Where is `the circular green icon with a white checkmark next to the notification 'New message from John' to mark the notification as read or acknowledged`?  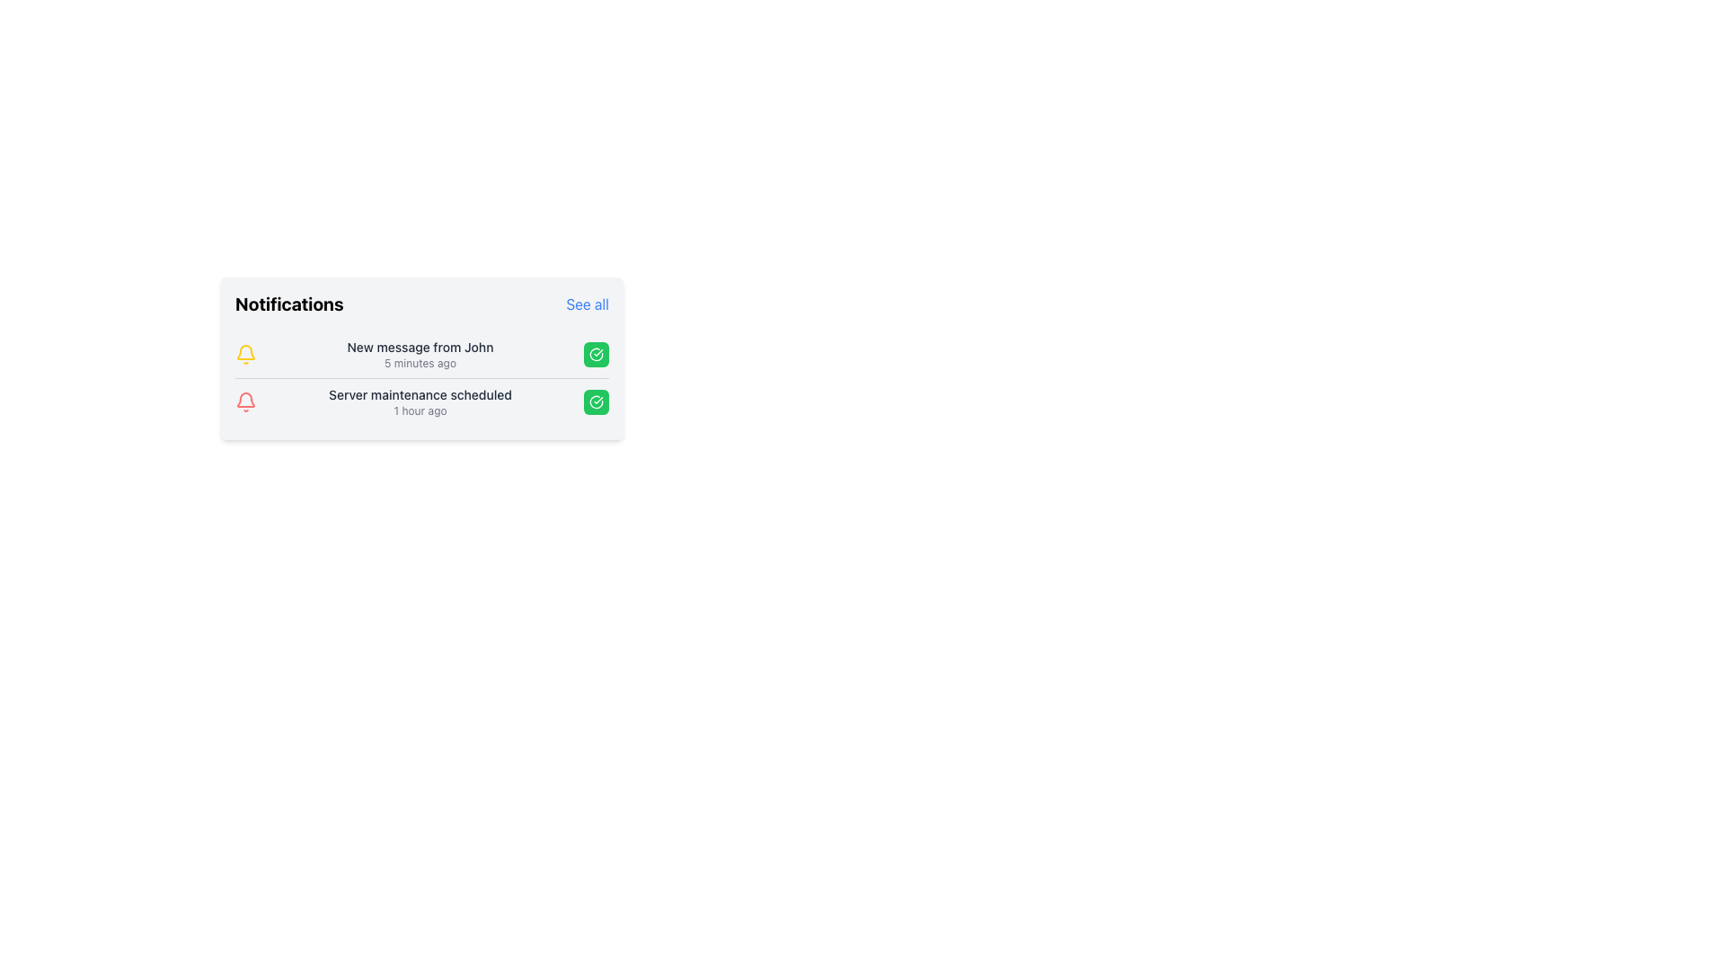
the circular green icon with a white checkmark next to the notification 'New message from John' to mark the notification as read or acknowledged is located at coordinates (596, 401).